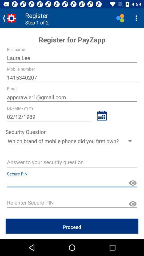 The width and height of the screenshot is (144, 256). I want to click on the logo left side to three dots on top right of page, so click(120, 18).